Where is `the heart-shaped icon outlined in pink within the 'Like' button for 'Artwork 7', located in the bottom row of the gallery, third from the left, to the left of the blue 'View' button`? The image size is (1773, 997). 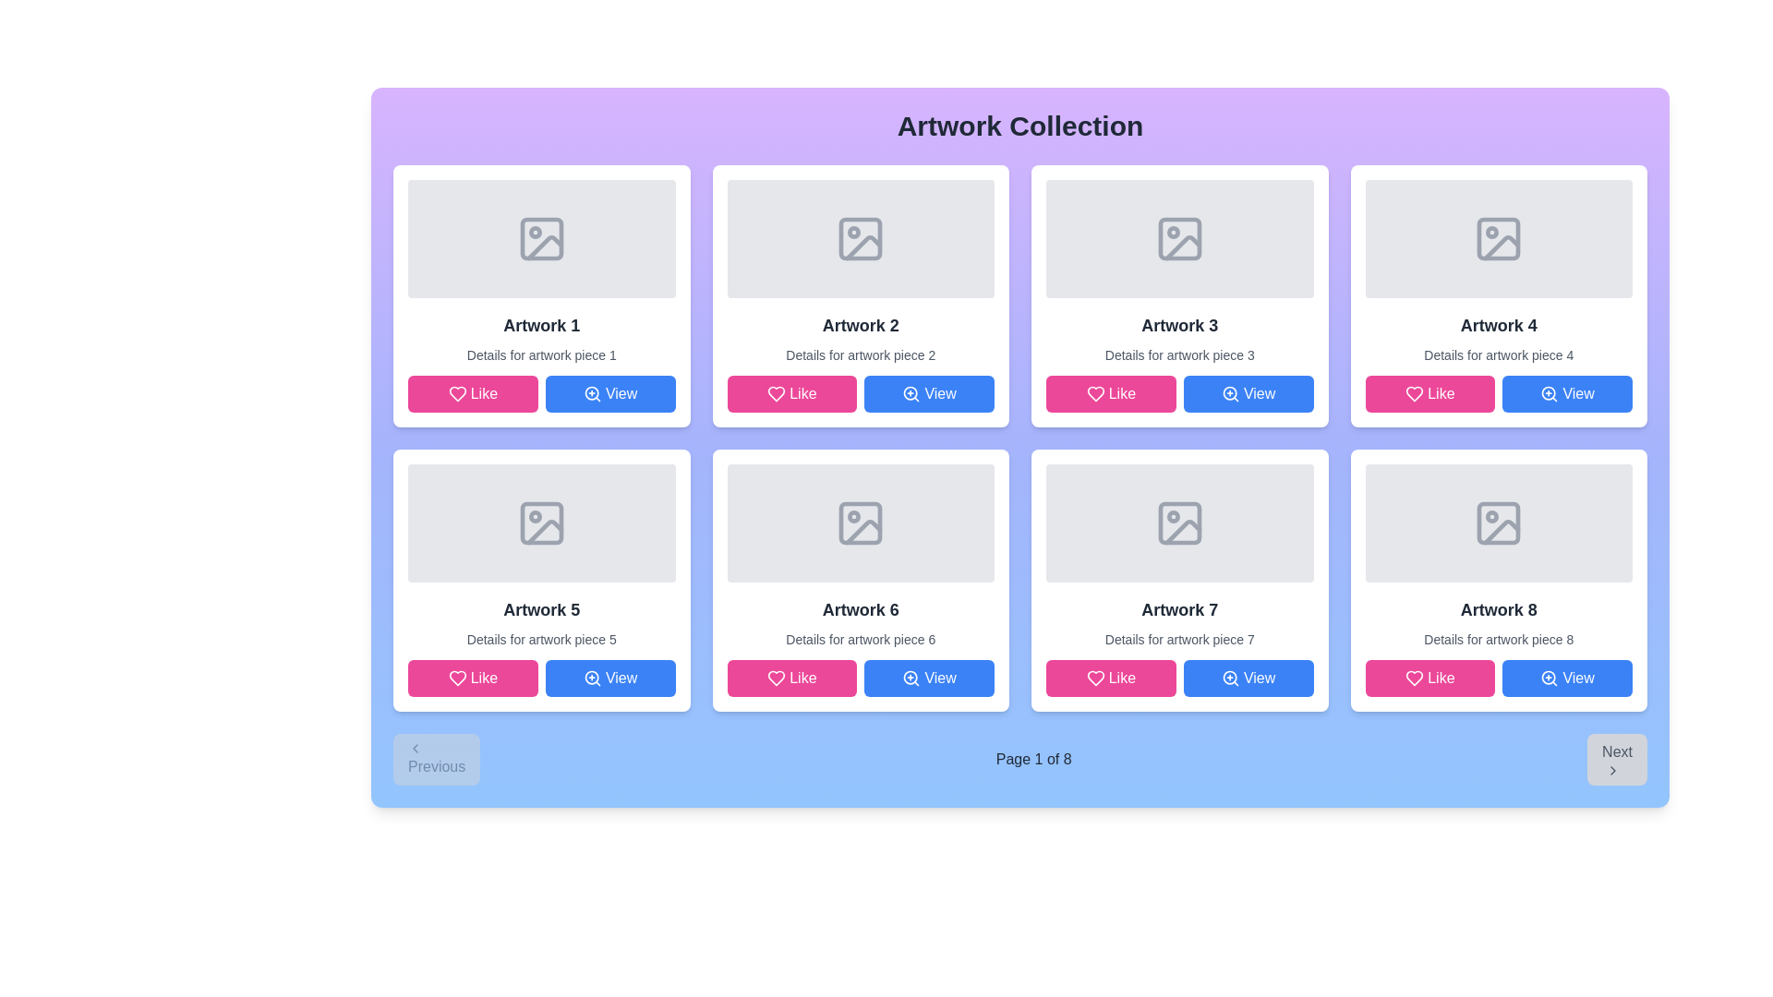 the heart-shaped icon outlined in pink within the 'Like' button for 'Artwork 7', located in the bottom row of the gallery, third from the left, to the left of the blue 'View' button is located at coordinates (1095, 679).